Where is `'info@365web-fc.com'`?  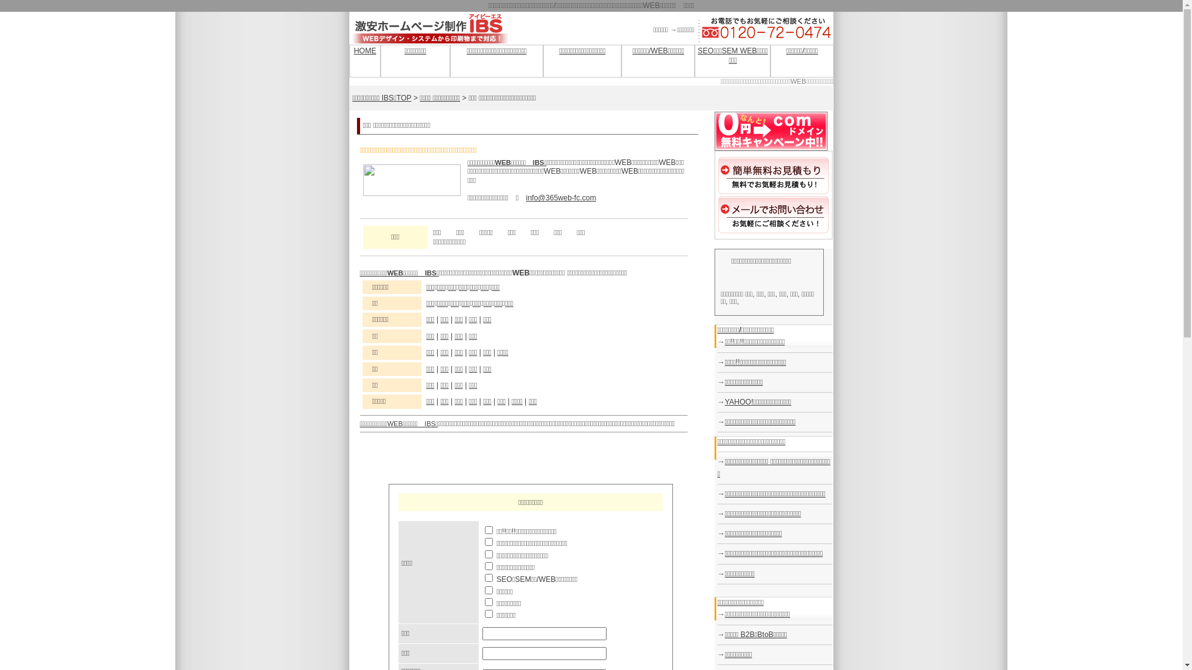 'info@365web-fc.com' is located at coordinates (560, 197).